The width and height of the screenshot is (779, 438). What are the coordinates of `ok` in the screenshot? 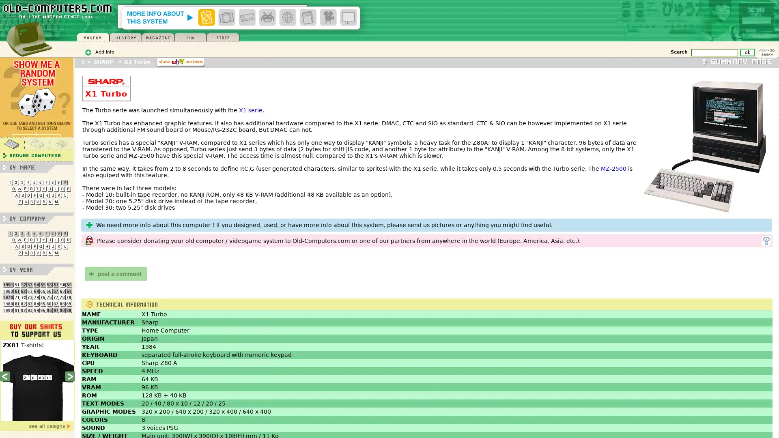 It's located at (747, 52).